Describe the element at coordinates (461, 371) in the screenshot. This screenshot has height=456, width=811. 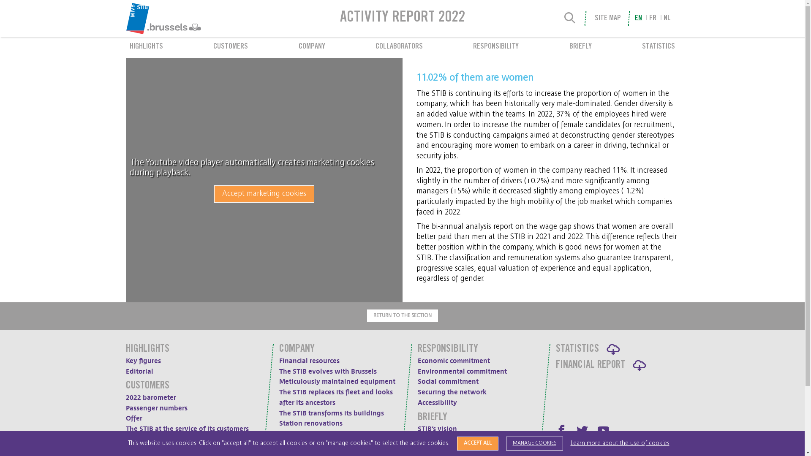
I see `'Environmental commitment'` at that location.